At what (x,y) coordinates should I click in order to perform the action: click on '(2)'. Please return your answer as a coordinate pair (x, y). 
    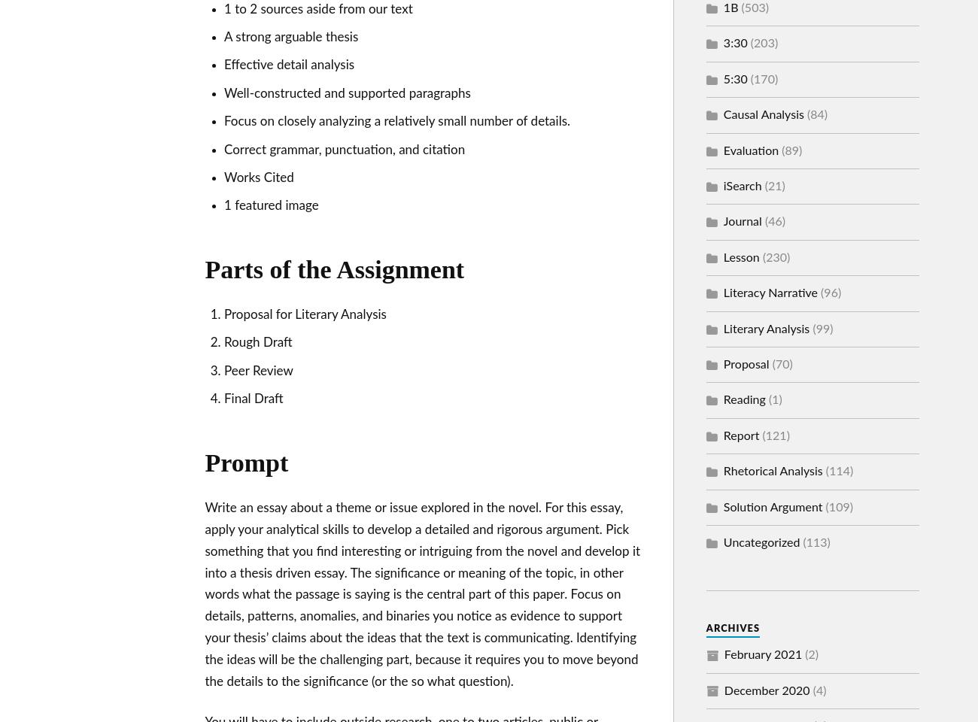
    Looking at the image, I should click on (810, 654).